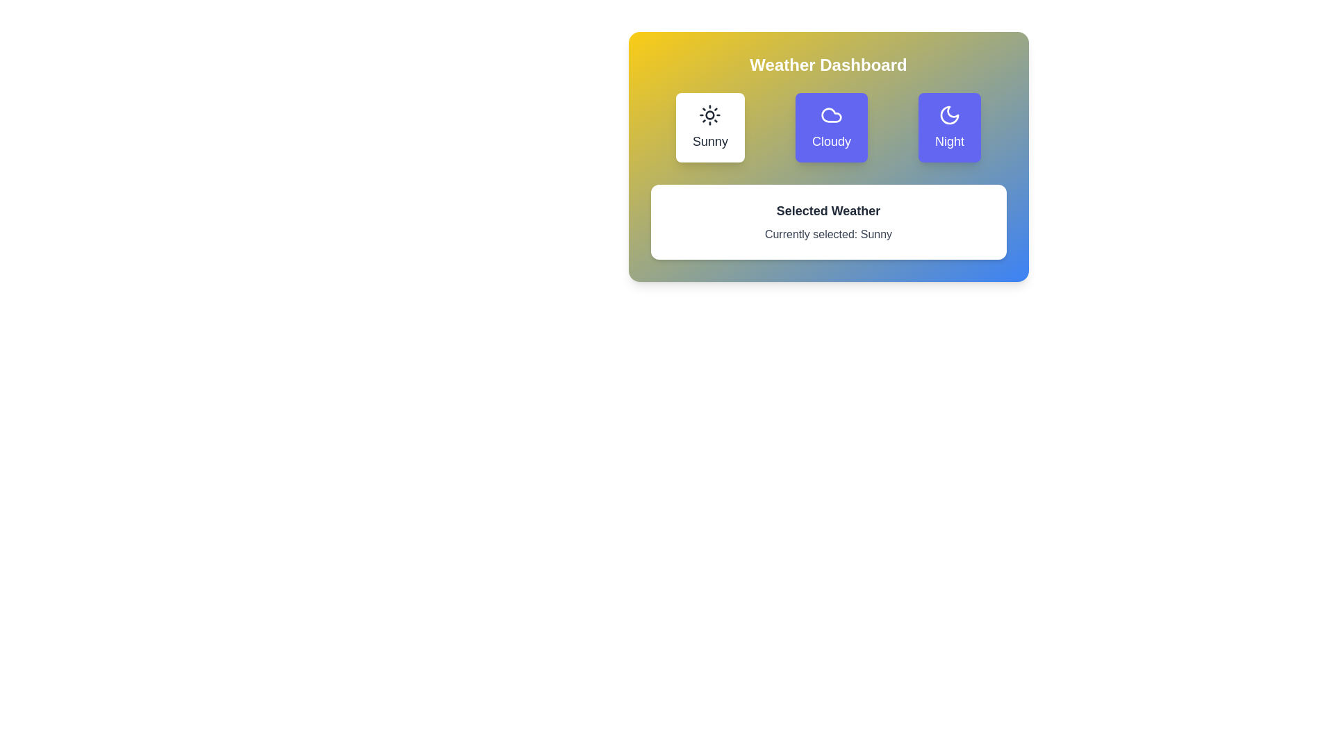 The image size is (1334, 750). I want to click on the 'Cloudy' button, which is a card-like button with a blue background, white cloud icon, and white text, positioned in the middle of three weather option buttons on the 'Weather Dashboard', so click(831, 128).